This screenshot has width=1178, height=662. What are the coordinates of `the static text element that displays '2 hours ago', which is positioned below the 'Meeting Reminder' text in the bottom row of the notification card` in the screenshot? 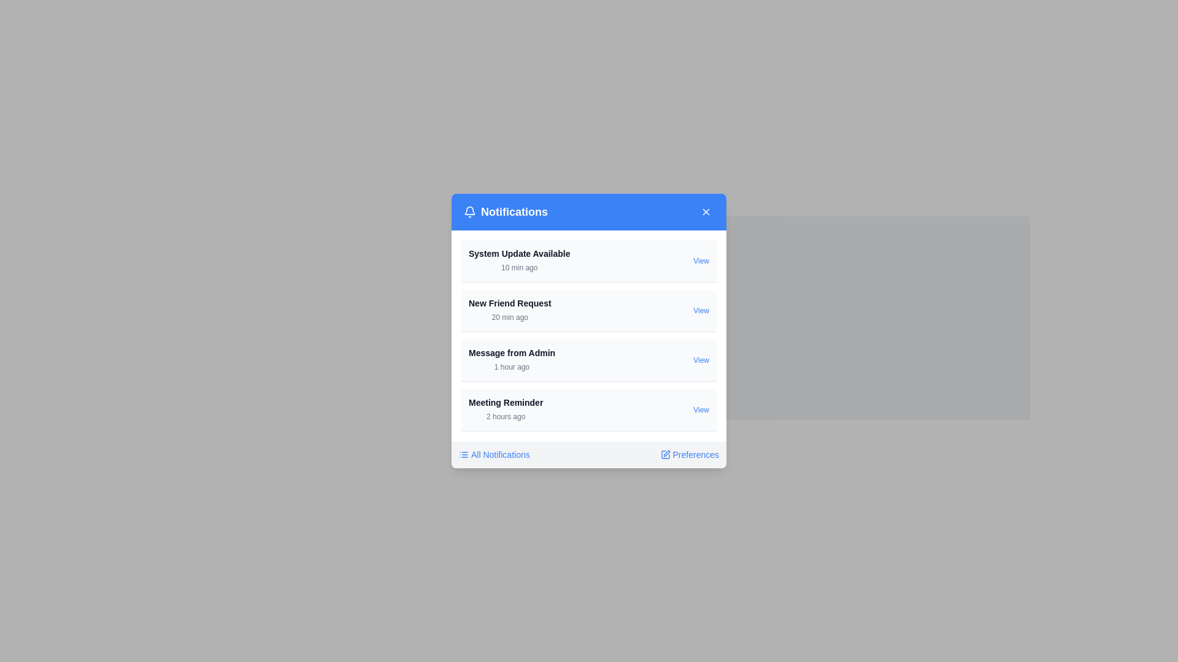 It's located at (506, 416).